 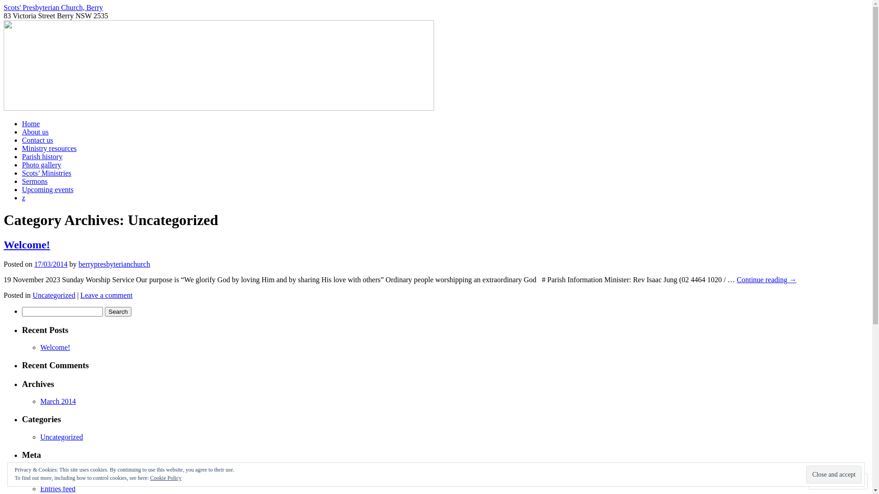 I want to click on 'Cookie Policy', so click(x=165, y=478).